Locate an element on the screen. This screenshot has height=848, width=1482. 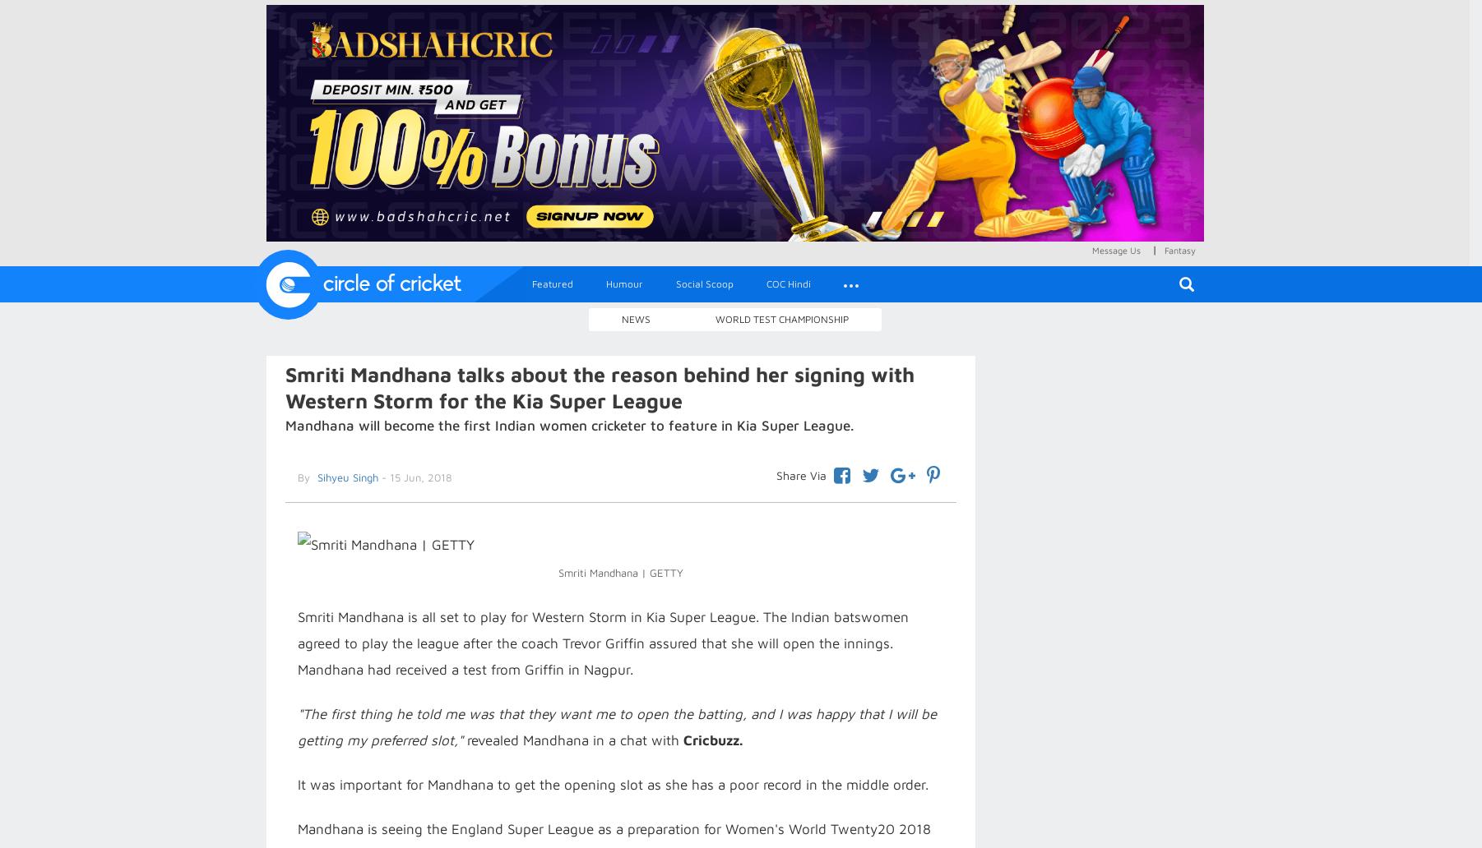
'Smriti Mandhana talks about the reason behind her signing with Western Storm for the Kia Super League' is located at coordinates (598, 386).